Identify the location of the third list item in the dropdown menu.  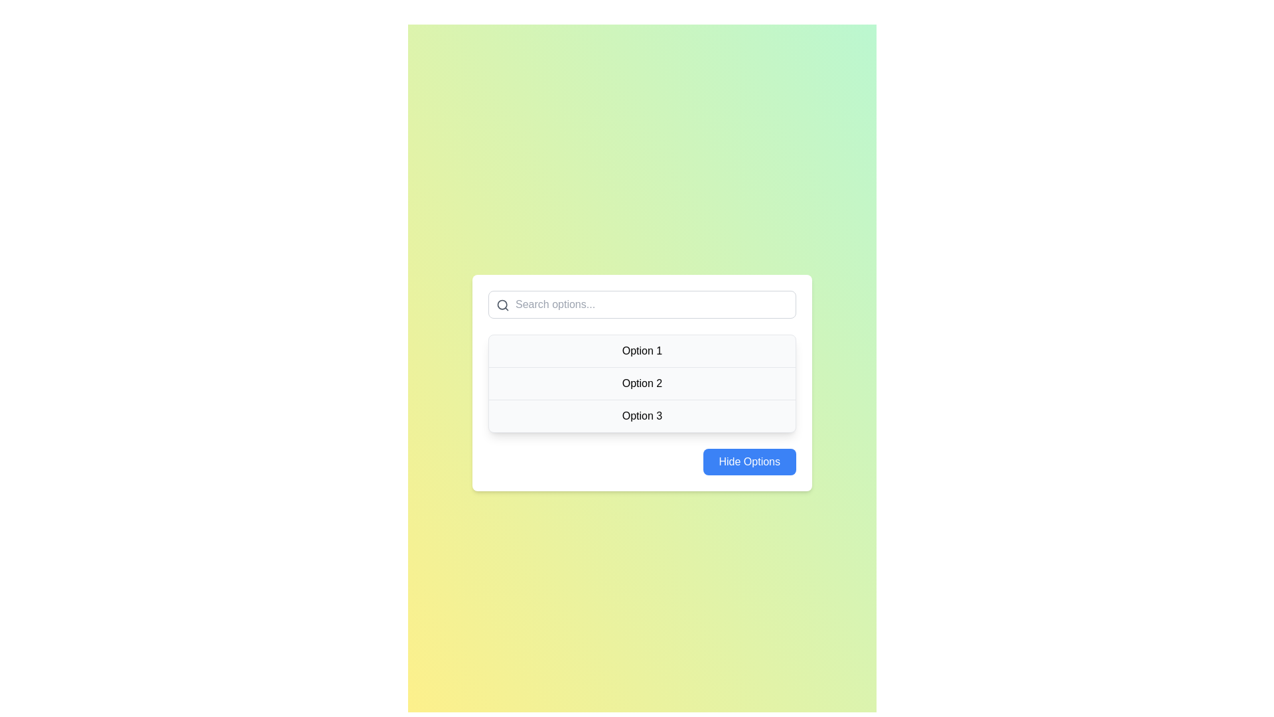
(642, 414).